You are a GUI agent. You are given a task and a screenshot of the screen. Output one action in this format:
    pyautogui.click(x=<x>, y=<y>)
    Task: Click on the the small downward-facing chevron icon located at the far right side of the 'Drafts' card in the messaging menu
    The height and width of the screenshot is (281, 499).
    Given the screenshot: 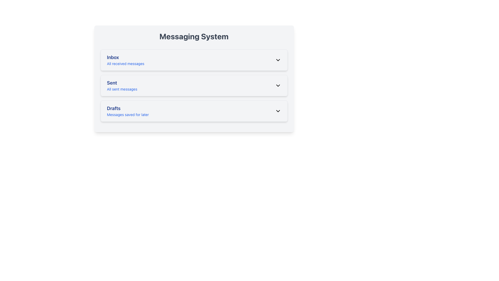 What is the action you would take?
    pyautogui.click(x=278, y=111)
    